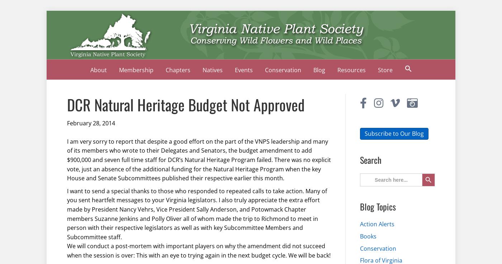 This screenshot has height=264, width=502. I want to click on 'We will conduct a post-mortem with important players on why the amendment did not succeed when the session is over: This with an eye to trying again in the next budget cycle. We will be back!', so click(199, 250).